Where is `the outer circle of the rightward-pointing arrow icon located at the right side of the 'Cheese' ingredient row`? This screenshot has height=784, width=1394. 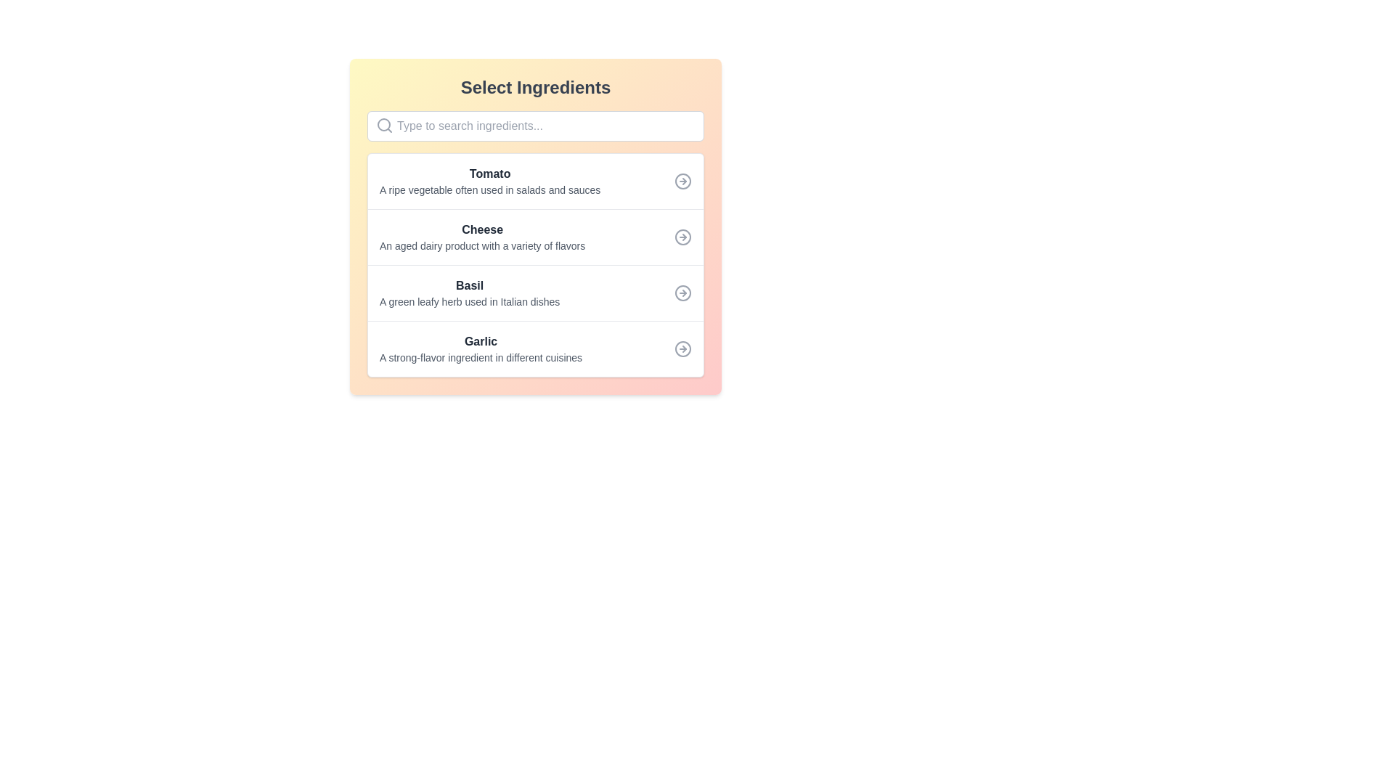
the outer circle of the rightward-pointing arrow icon located at the right side of the 'Cheese' ingredient row is located at coordinates (682, 237).